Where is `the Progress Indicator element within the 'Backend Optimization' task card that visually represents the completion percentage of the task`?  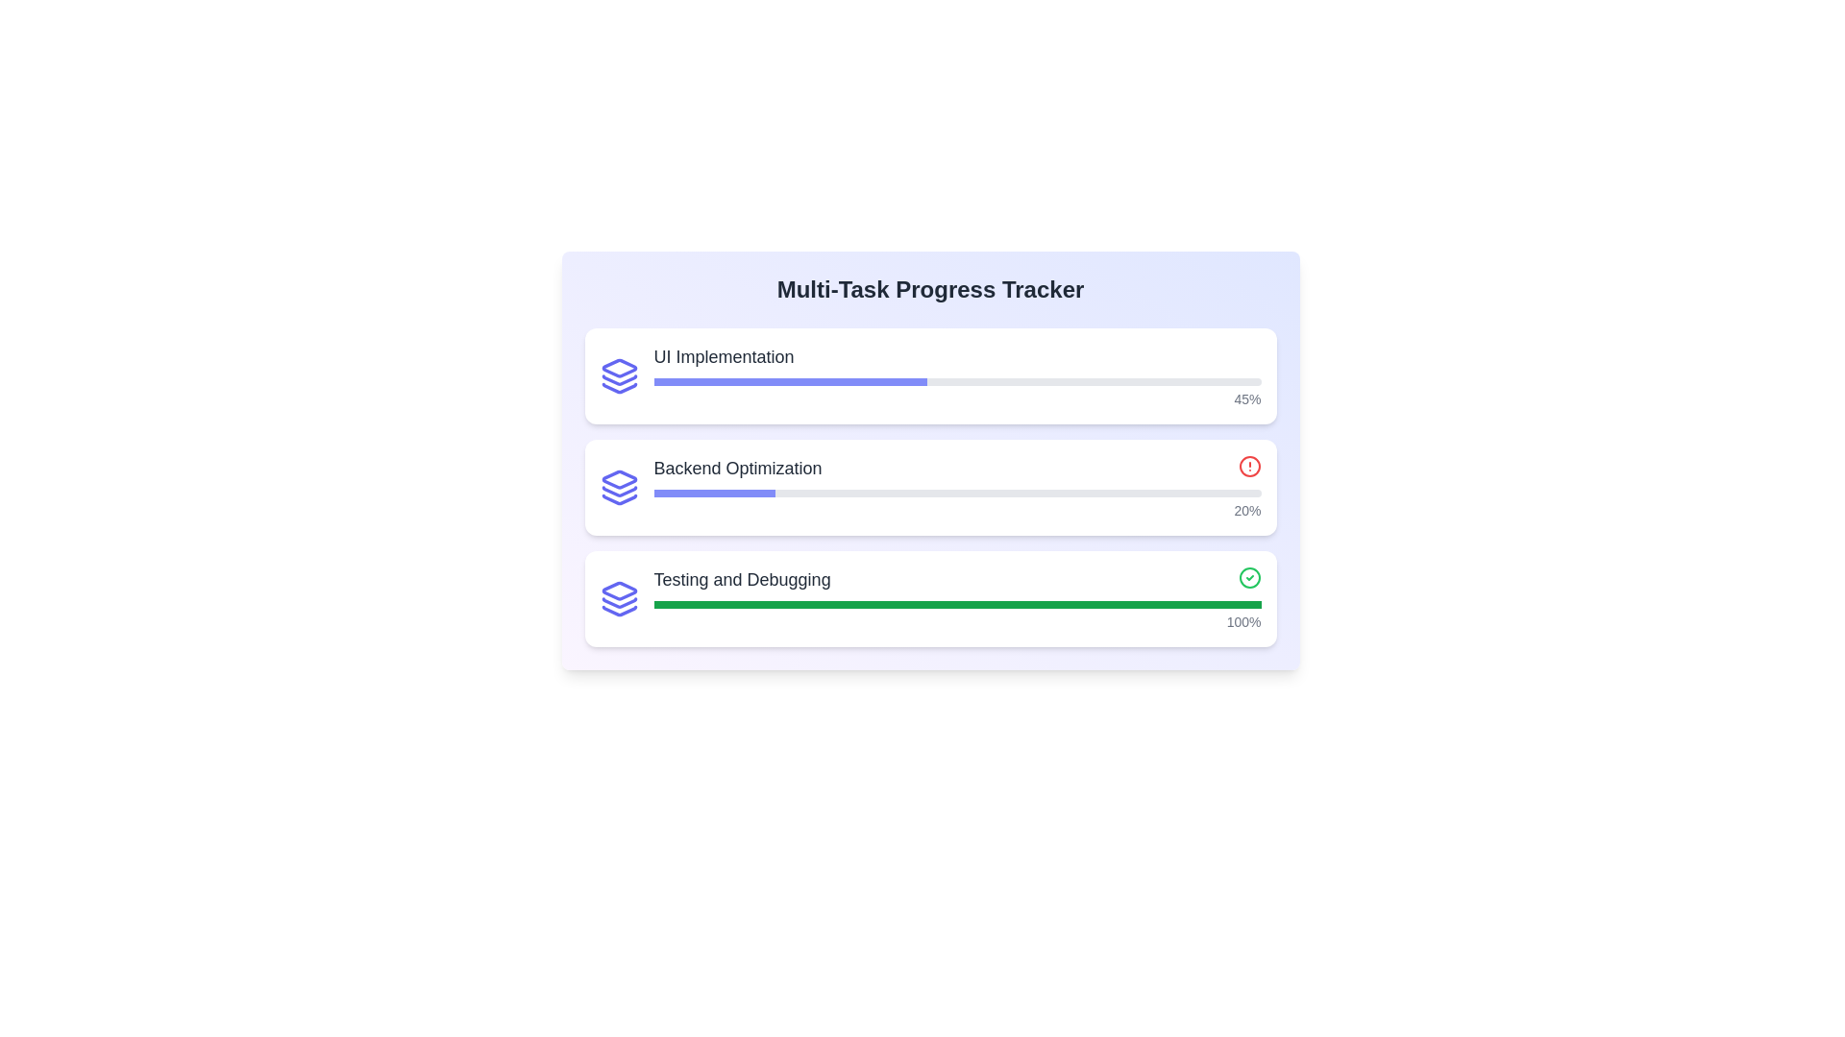
the Progress Indicator element within the 'Backend Optimization' task card that visually represents the completion percentage of the task is located at coordinates (713, 492).